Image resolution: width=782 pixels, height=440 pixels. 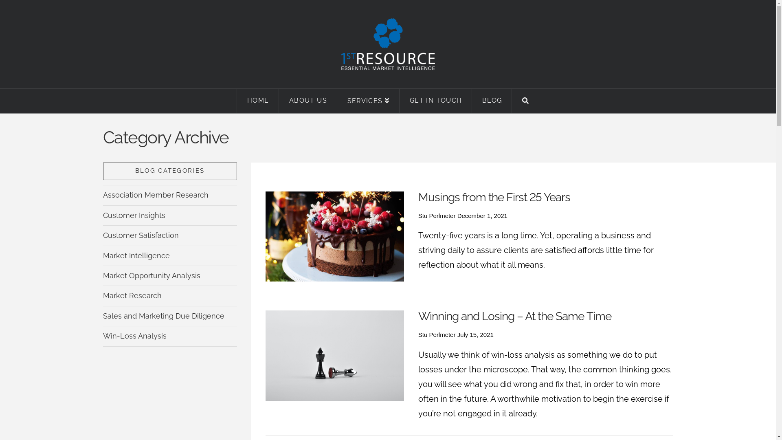 I want to click on 'Sales and Marketing Due Diligence', so click(x=163, y=315).